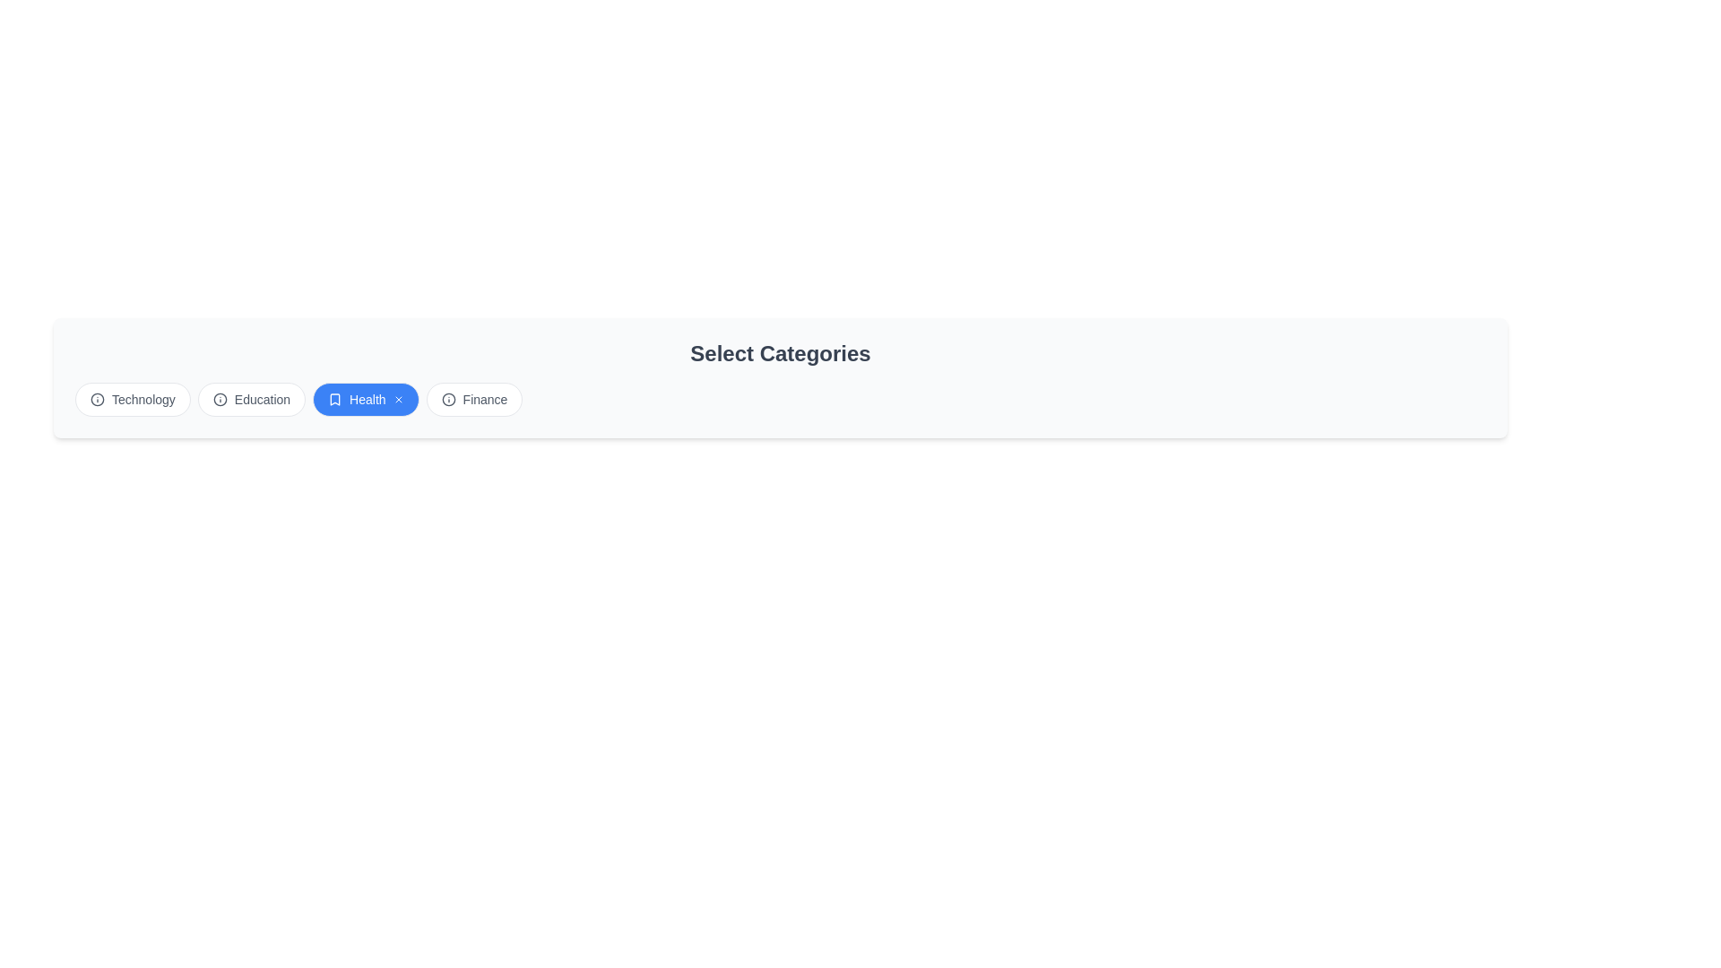  I want to click on the category Finance by clicking on its chip, so click(473, 399).